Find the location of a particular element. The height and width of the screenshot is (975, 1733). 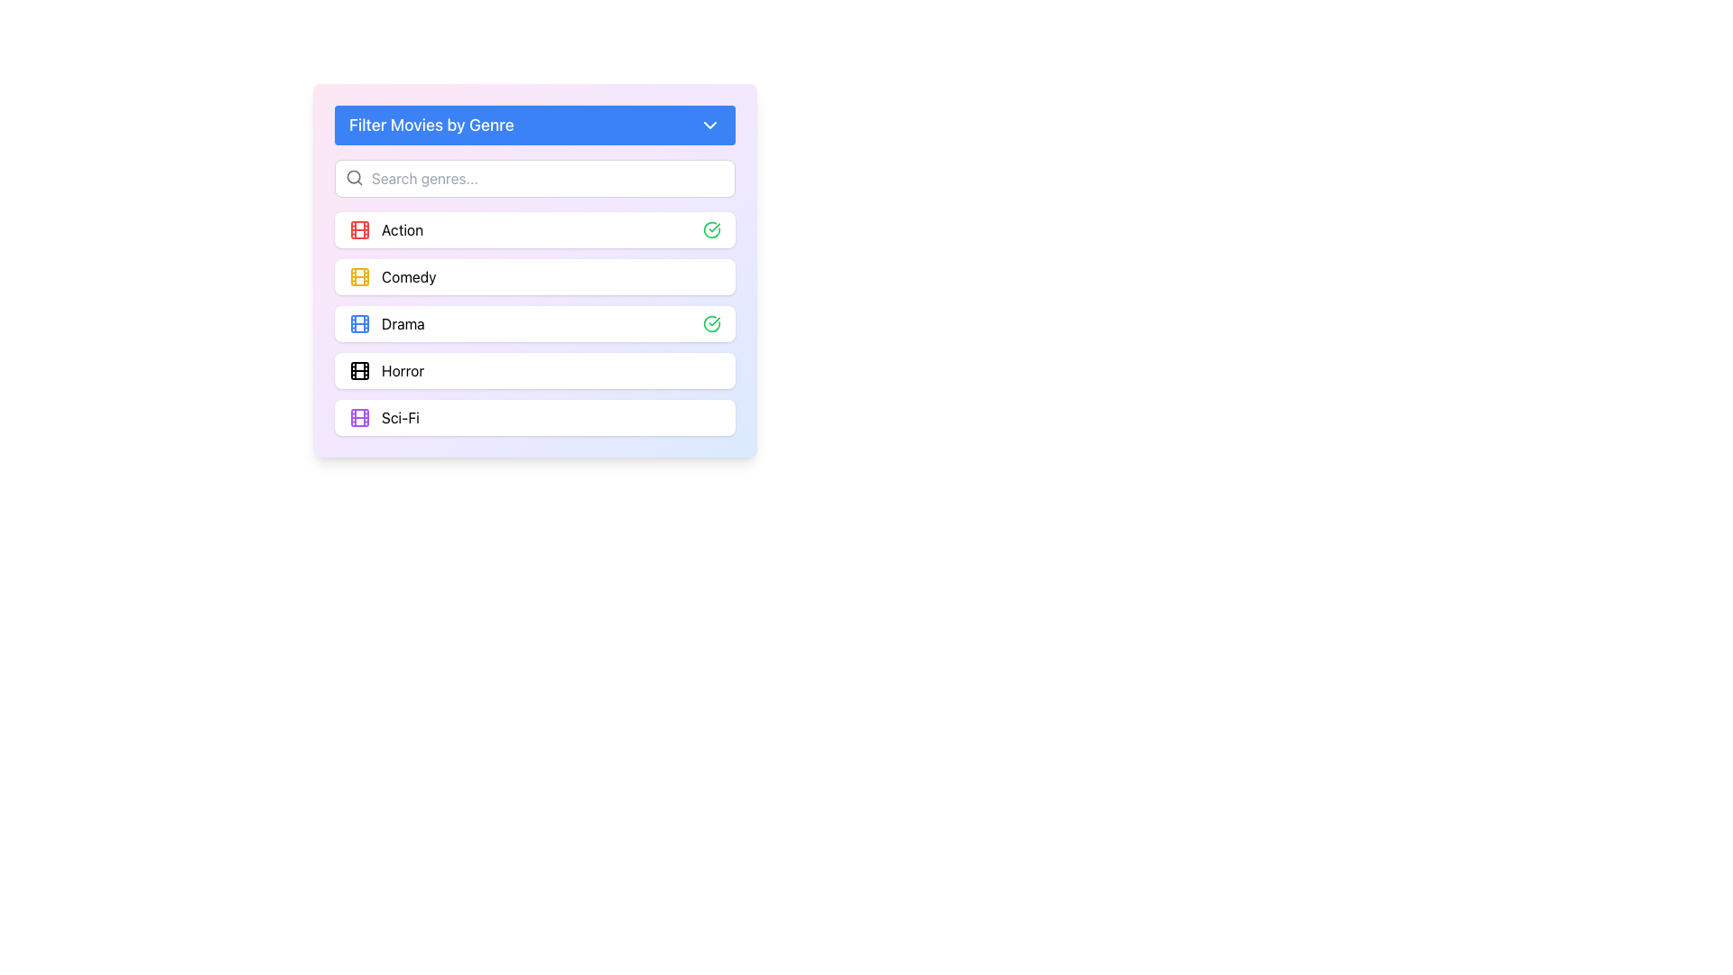

the yellow film reel icon located in the second row of the genre list, directly to the left of the 'Comedy' label is located at coordinates (359, 277).